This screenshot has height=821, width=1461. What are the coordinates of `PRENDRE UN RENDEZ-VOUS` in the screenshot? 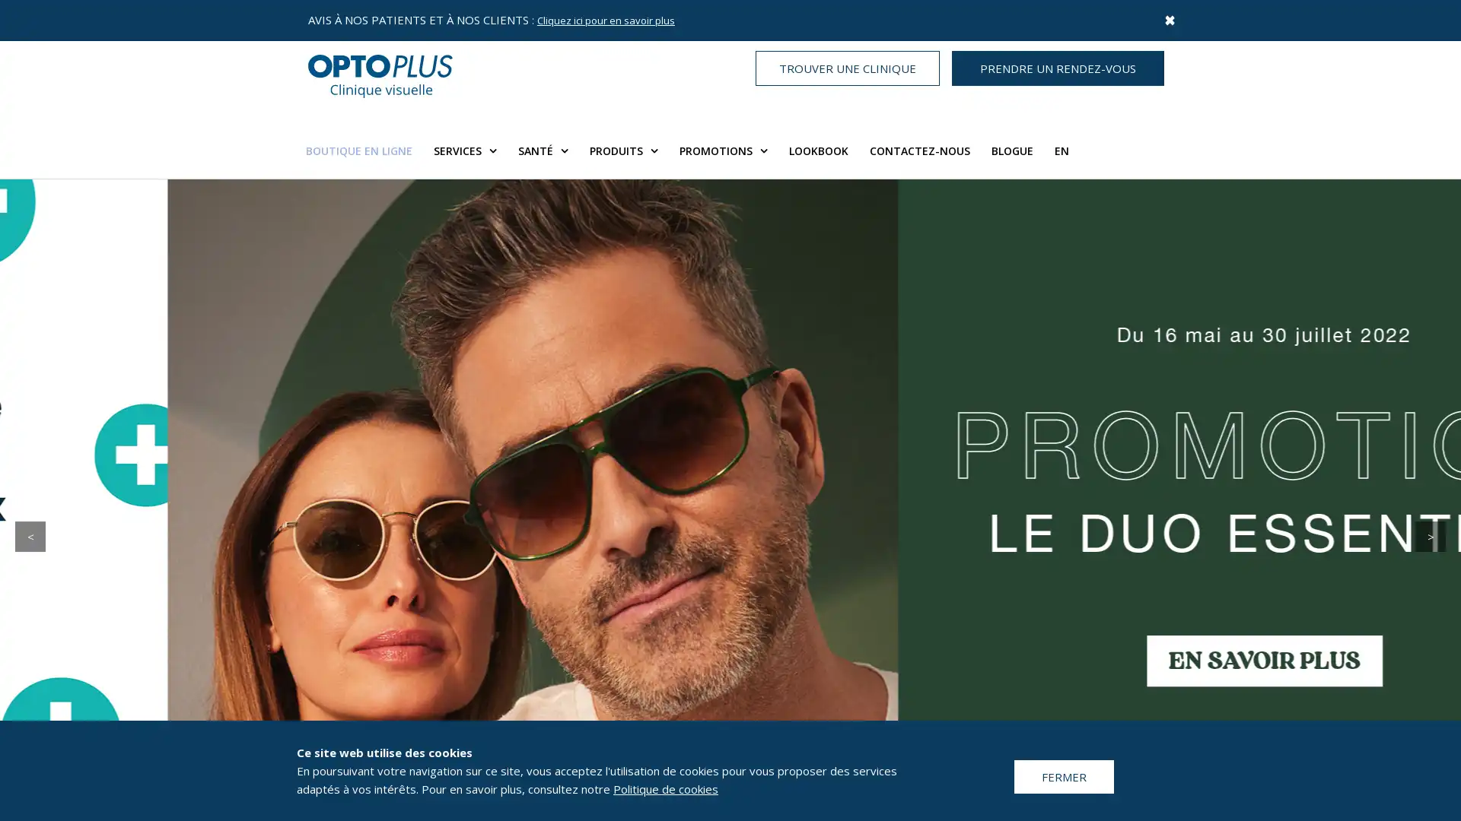 It's located at (1057, 67).